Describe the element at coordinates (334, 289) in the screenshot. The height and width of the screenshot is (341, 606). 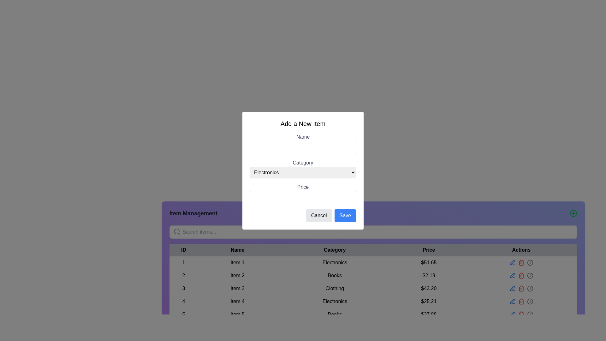
I see `text content of the Text Label representing the category 'Clothing' for 'Item 3' in the table, located in the third row under the 'Category' column` at that location.